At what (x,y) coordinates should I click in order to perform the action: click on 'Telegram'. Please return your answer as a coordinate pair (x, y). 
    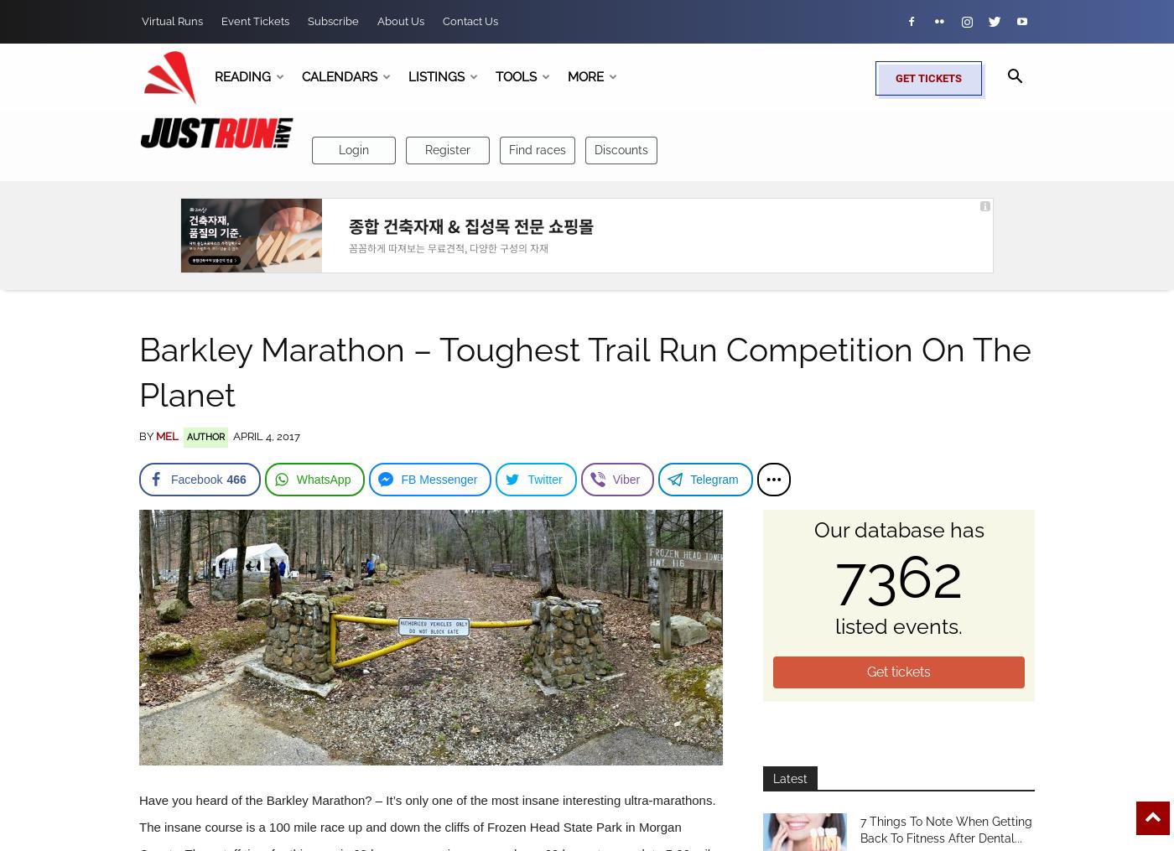
    Looking at the image, I should click on (690, 479).